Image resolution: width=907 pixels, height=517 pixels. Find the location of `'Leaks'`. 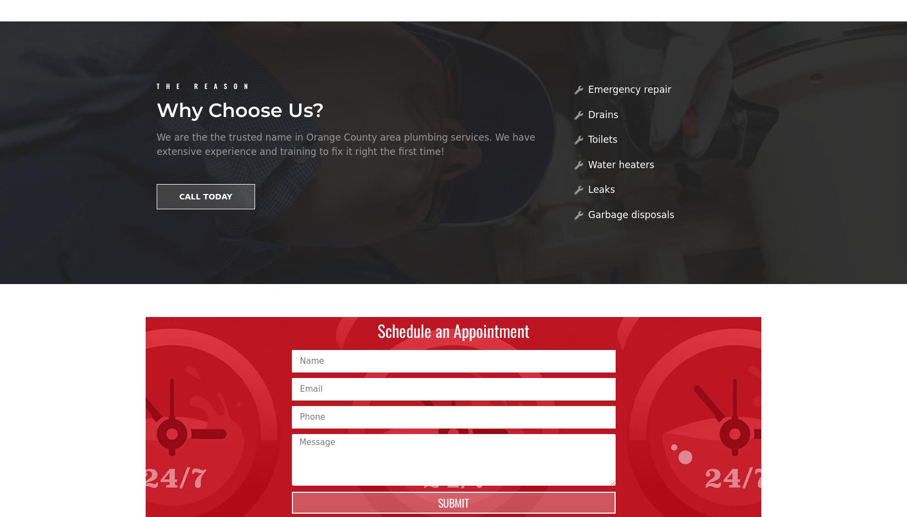

'Leaks' is located at coordinates (588, 189).